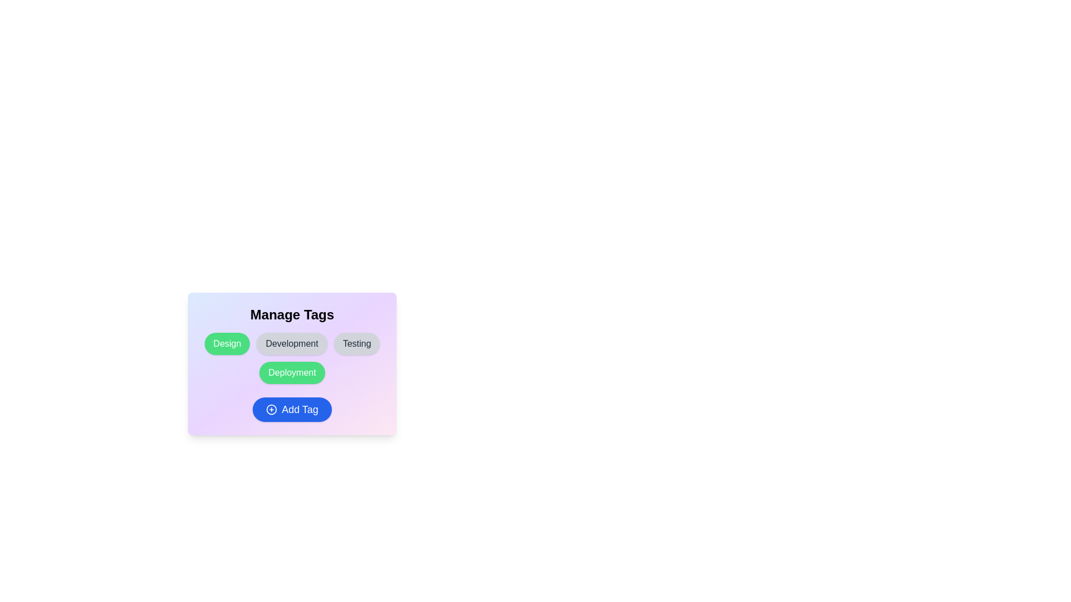  I want to click on the tag chip labeled Deployment, so click(292, 372).